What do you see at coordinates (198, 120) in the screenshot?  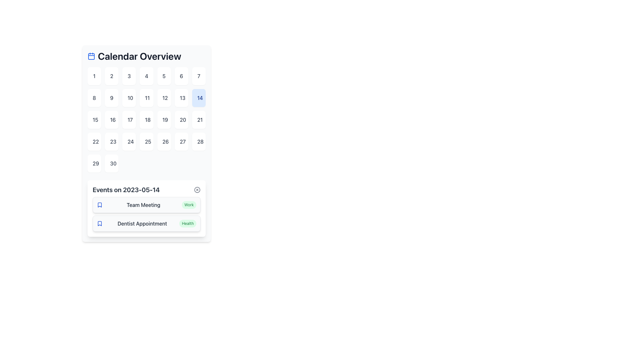 I see `the date button in the Calendar Overview section located in the third row, seventh column` at bounding box center [198, 120].